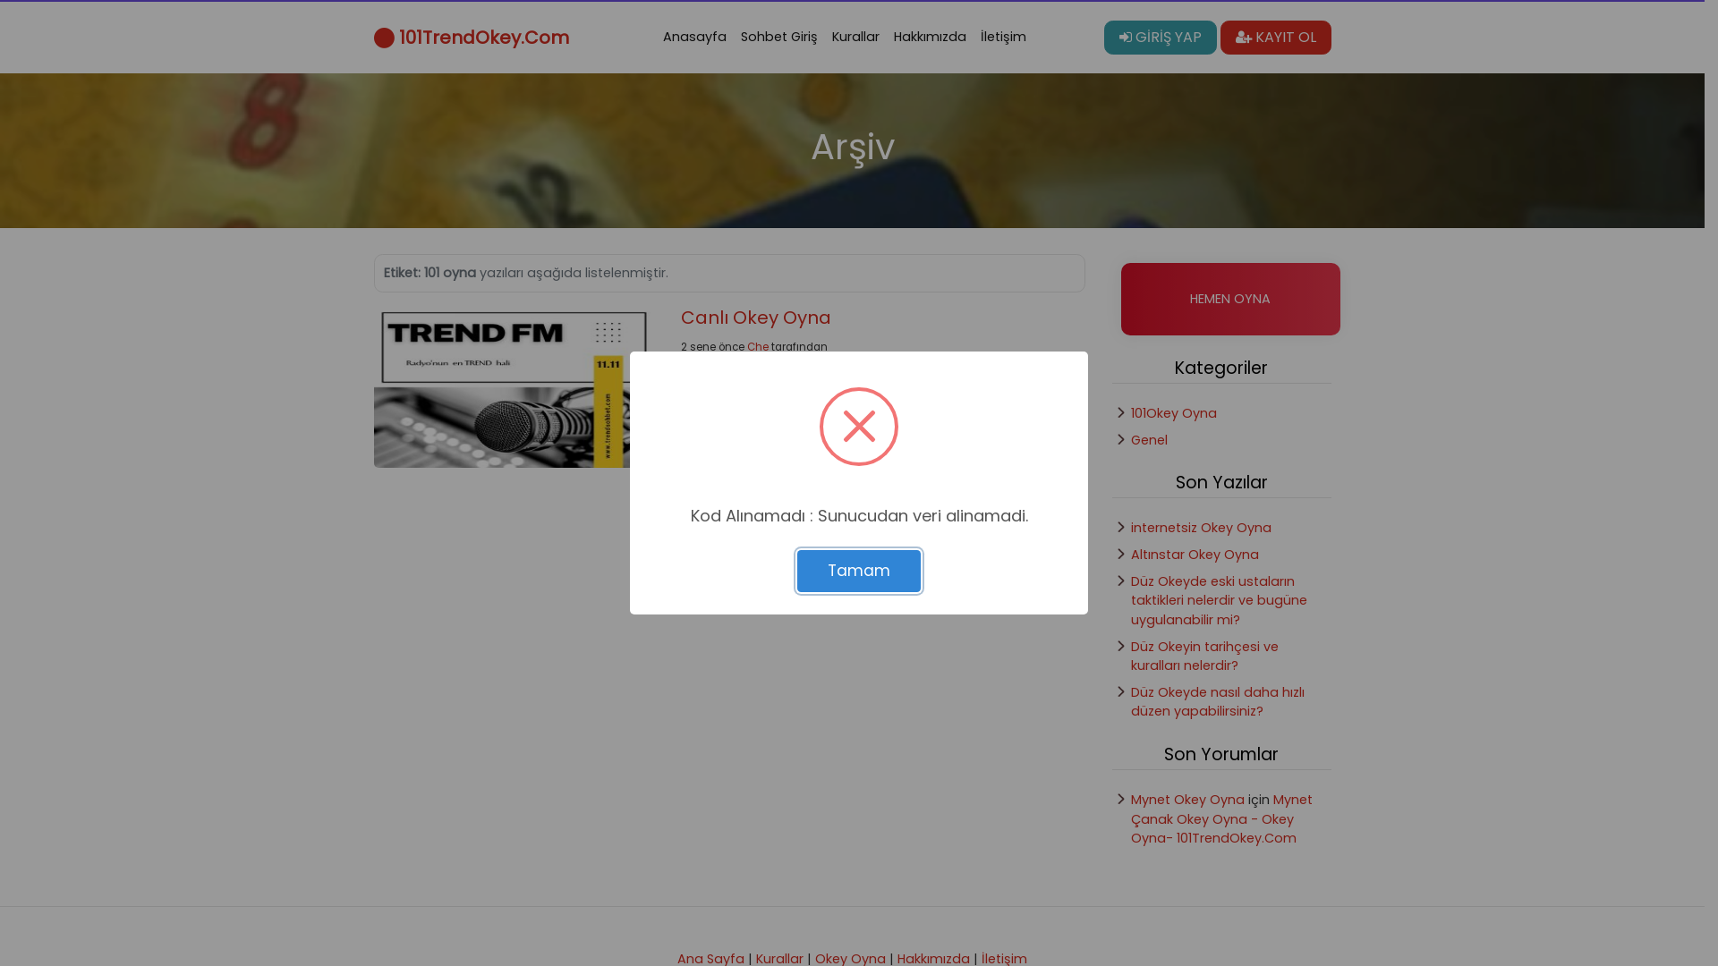 This screenshot has height=966, width=1718. Describe the element at coordinates (1201, 527) in the screenshot. I see `'internetsiz Okey Oyna'` at that location.